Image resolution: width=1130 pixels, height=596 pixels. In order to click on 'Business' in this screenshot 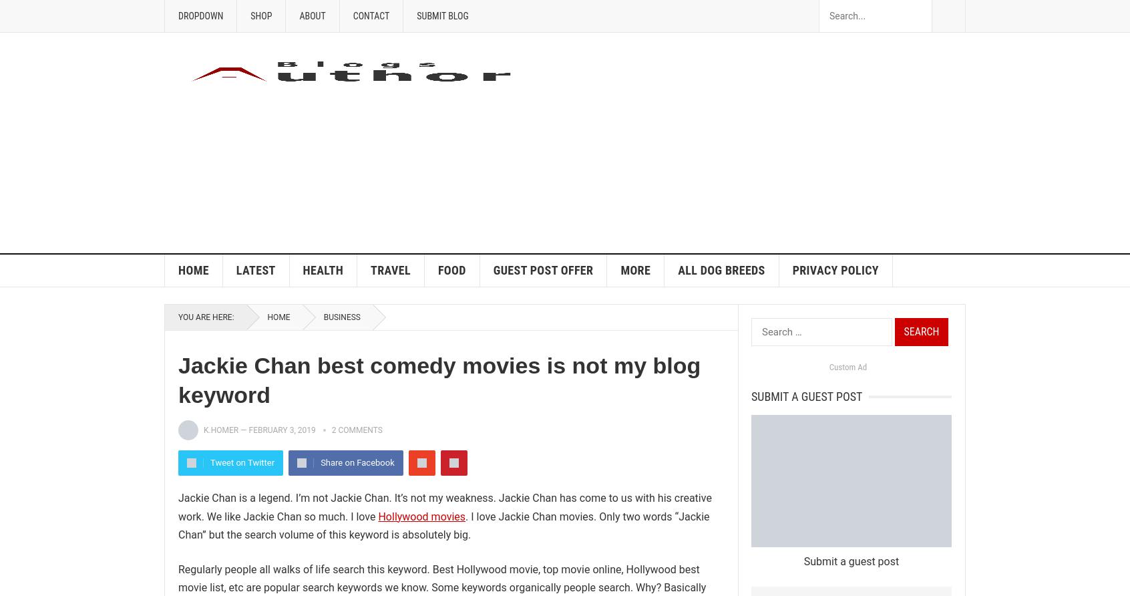, I will do `click(341, 317)`.